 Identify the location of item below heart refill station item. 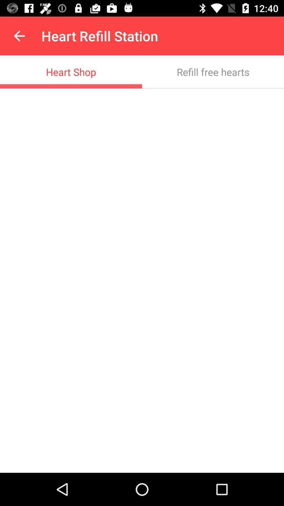
(213, 72).